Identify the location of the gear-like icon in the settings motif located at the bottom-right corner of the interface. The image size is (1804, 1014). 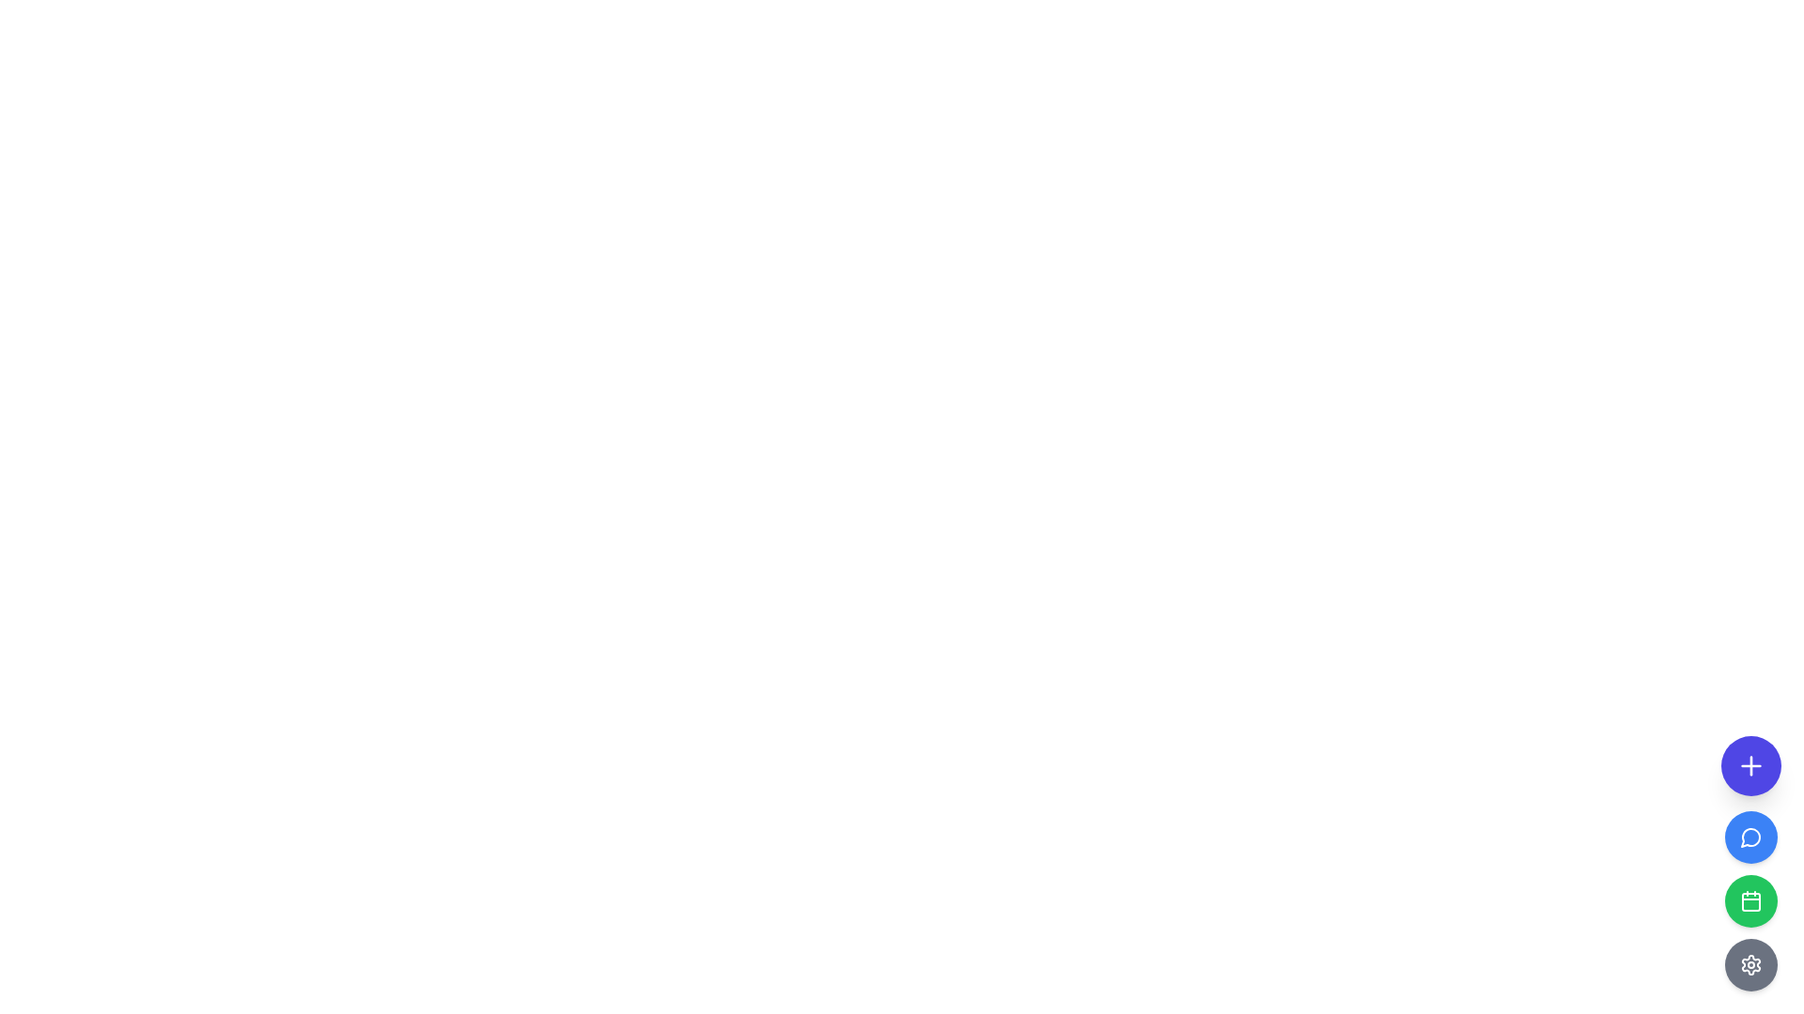
(1750, 965).